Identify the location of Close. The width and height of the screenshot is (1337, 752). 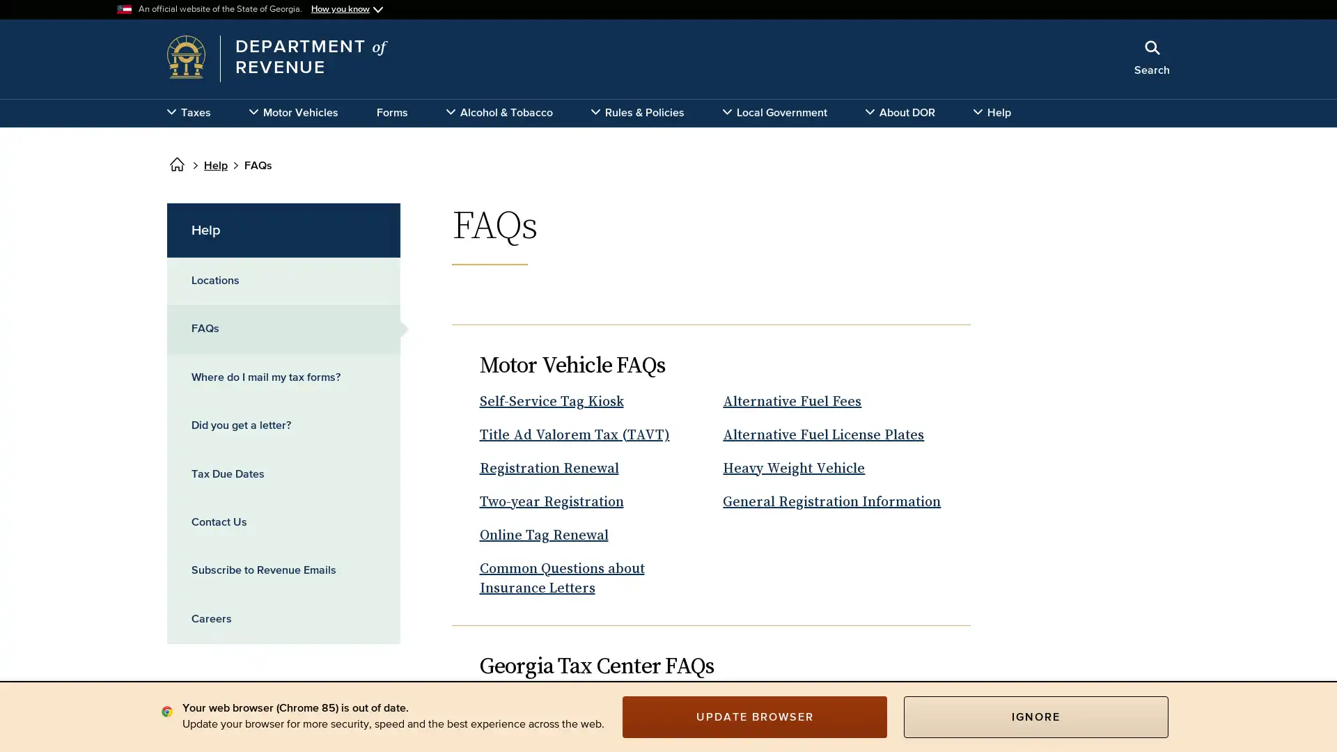
(1154, 43).